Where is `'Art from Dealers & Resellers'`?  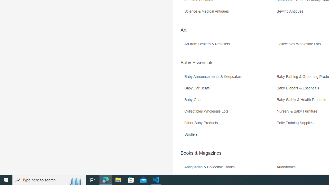
'Art from Dealers & Resellers' is located at coordinates (230, 45).